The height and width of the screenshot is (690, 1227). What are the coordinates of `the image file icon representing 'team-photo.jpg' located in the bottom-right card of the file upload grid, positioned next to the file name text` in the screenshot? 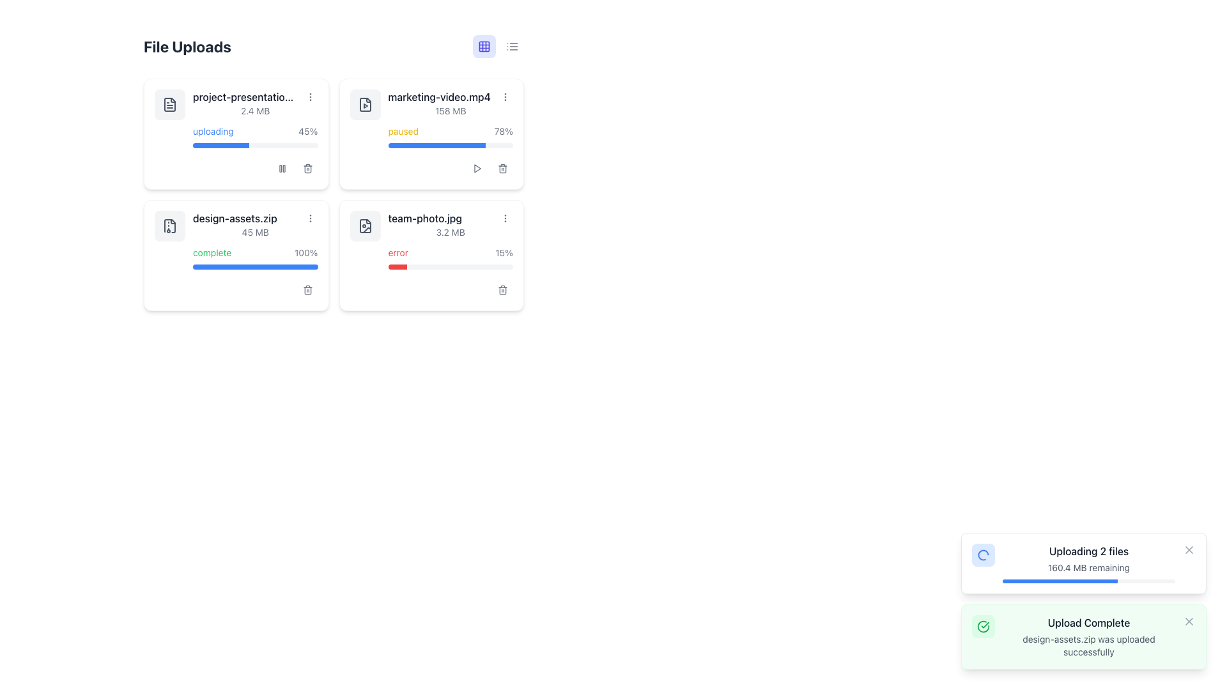 It's located at (364, 226).